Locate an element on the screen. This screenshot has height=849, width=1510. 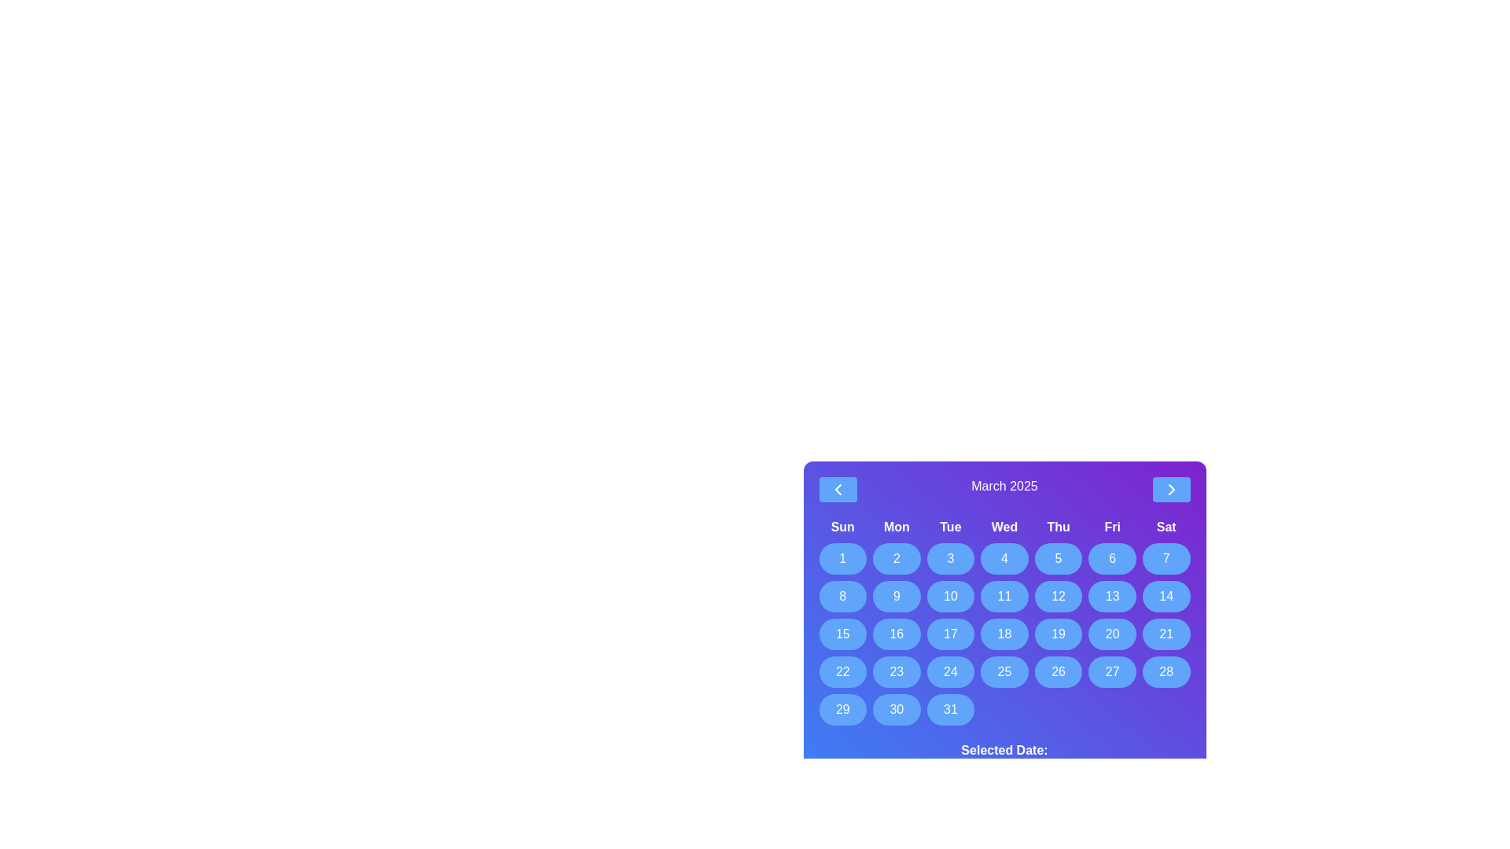
the highlighted date (18th) in the calendar for March 2025, which is displayed with a gradient blue-to-purple background is located at coordinates (1004, 627).